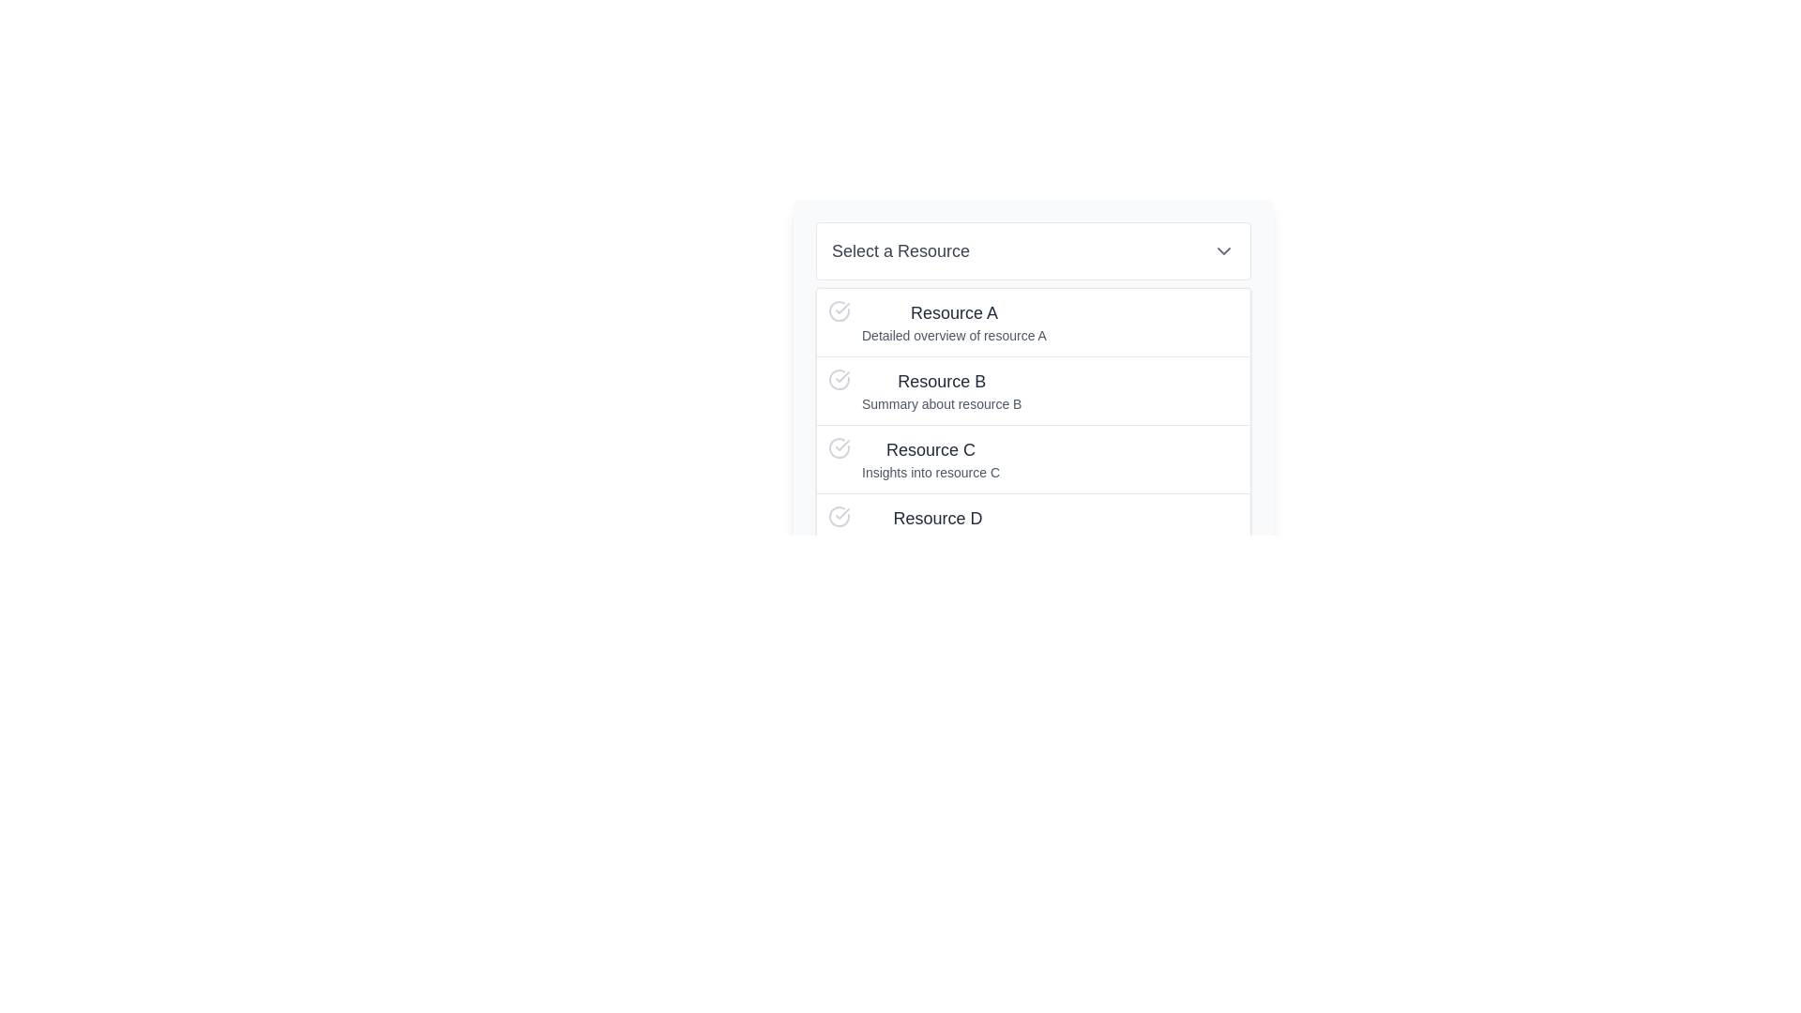 The height and width of the screenshot is (1013, 1801). I want to click on the text label displaying 'Insights into resource C', which is styled with small gray text and positioned below the heading 'Resource C', so click(931, 472).